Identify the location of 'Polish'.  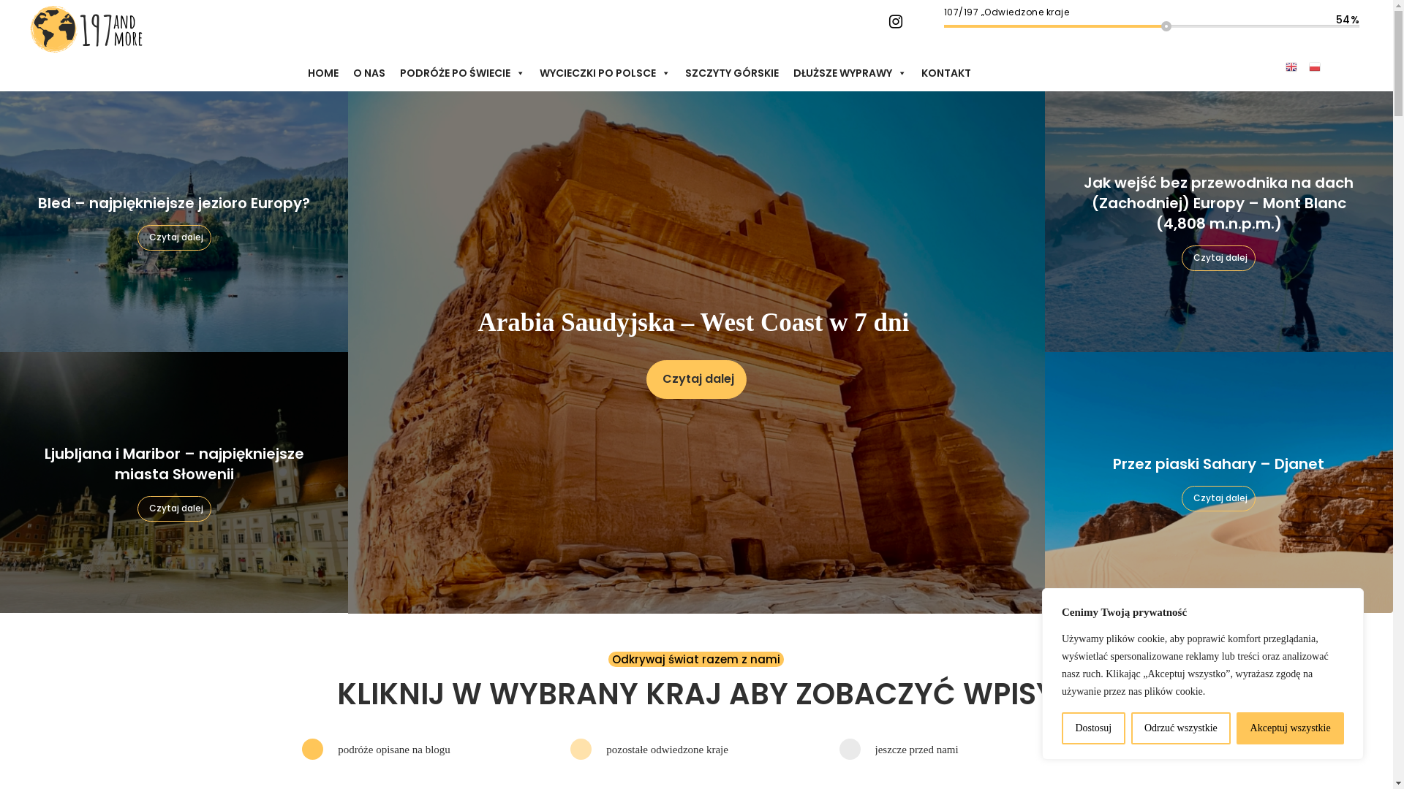
(1315, 66).